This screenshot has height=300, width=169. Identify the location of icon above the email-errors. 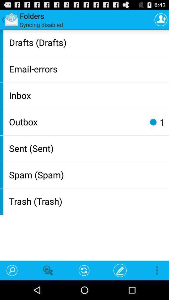
(87, 42).